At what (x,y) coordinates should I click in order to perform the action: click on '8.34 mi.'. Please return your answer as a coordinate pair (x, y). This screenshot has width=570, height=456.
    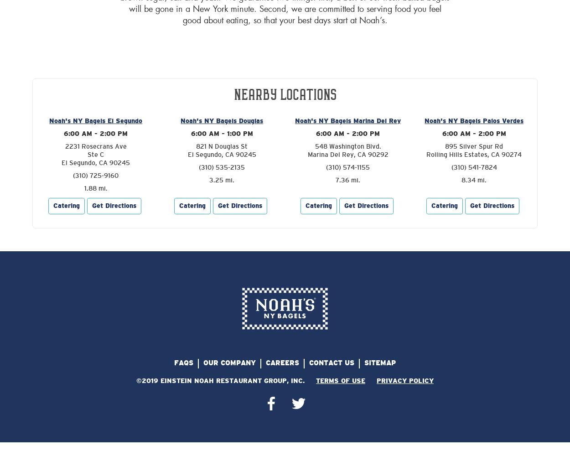
    Looking at the image, I should click on (474, 180).